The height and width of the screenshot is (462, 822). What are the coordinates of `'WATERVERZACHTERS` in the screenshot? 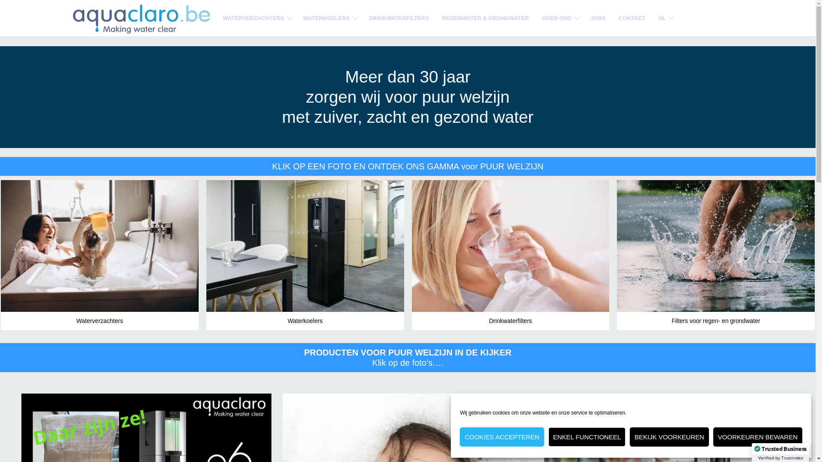 It's located at (256, 18).